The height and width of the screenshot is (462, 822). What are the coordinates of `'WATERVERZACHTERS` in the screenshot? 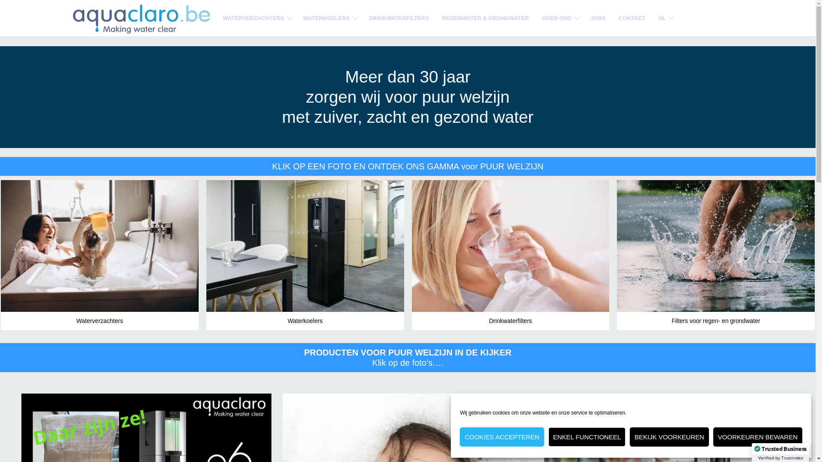 It's located at (256, 18).